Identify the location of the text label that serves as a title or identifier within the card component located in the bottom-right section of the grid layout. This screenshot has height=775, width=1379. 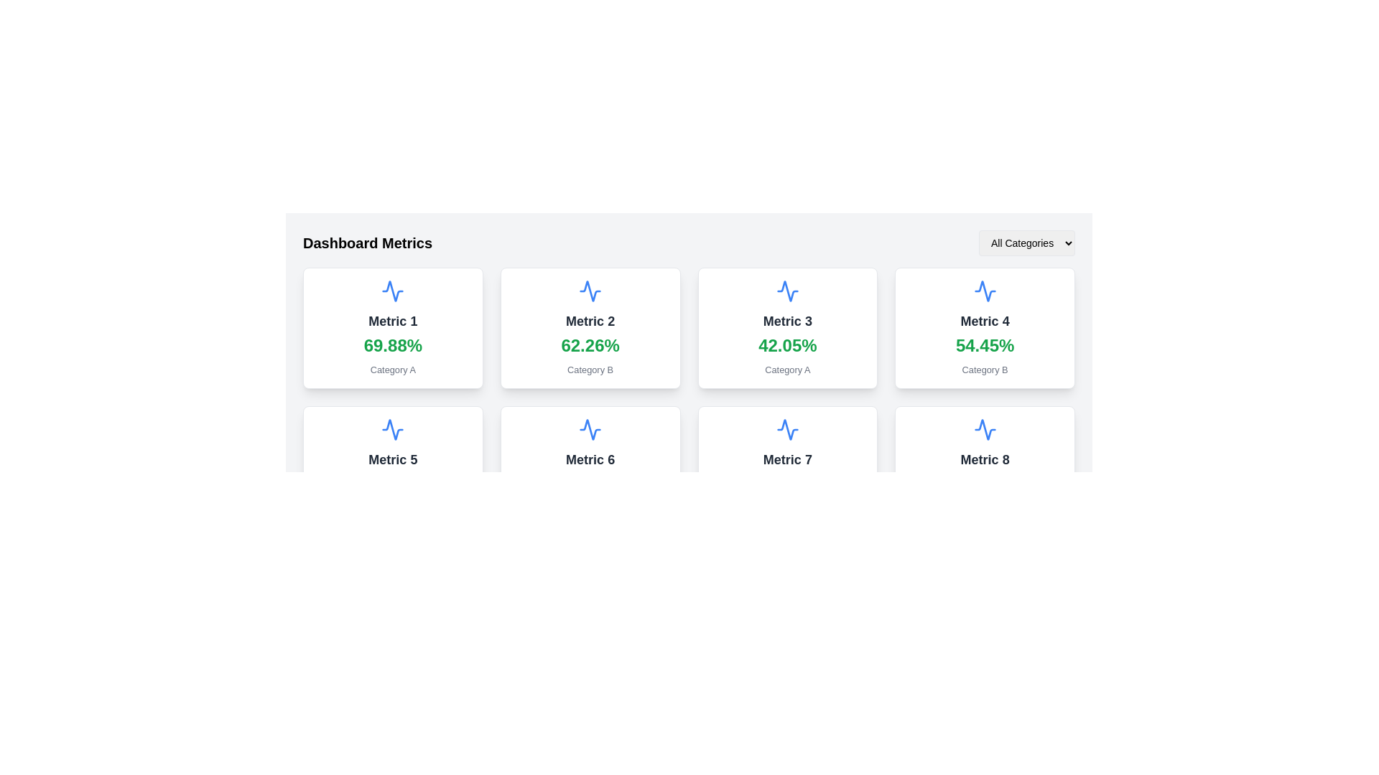
(984, 460).